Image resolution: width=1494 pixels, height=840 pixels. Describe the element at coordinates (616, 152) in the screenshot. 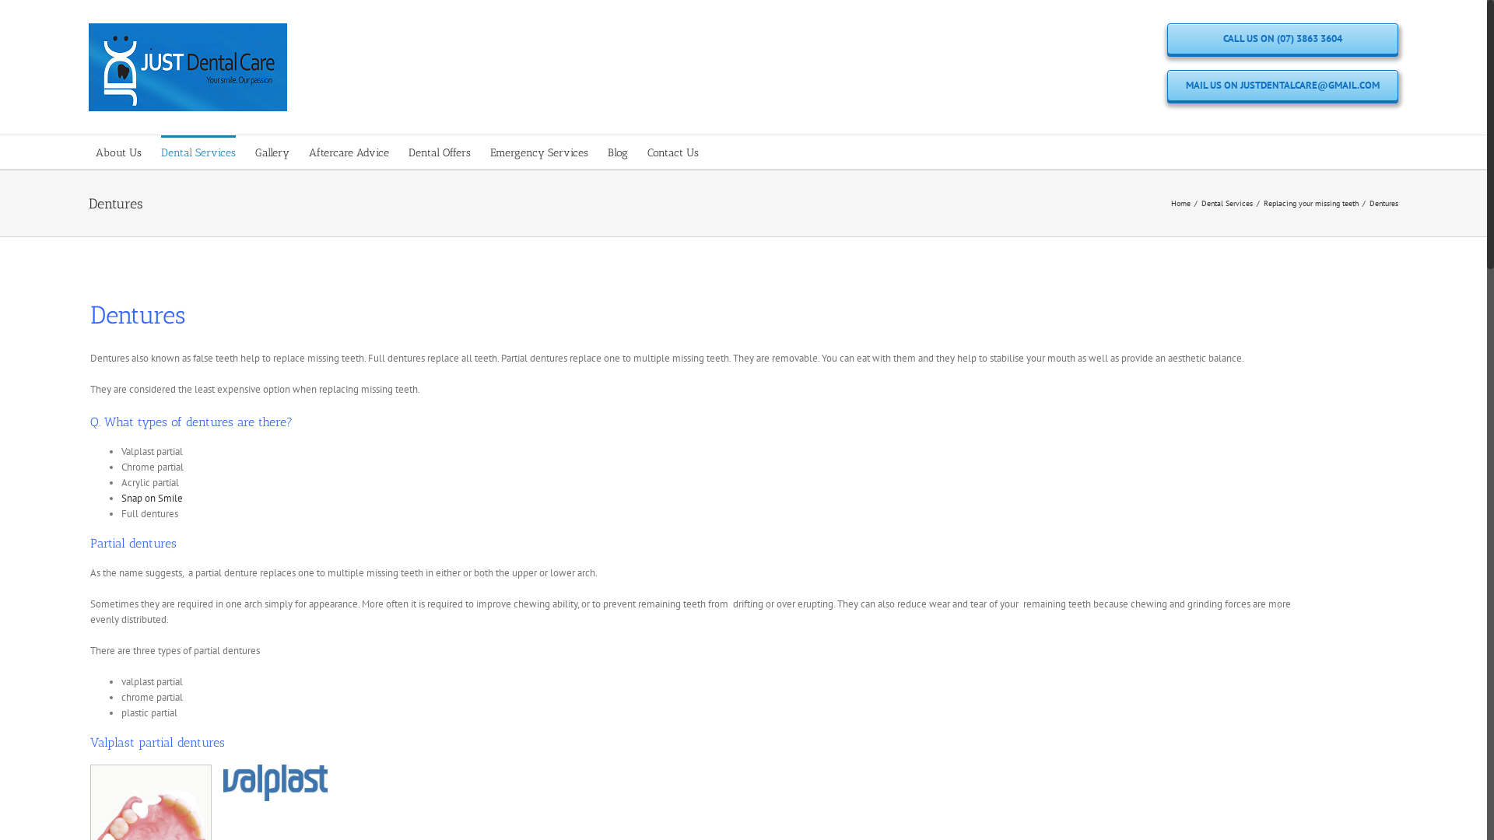

I see `'Blog'` at that location.